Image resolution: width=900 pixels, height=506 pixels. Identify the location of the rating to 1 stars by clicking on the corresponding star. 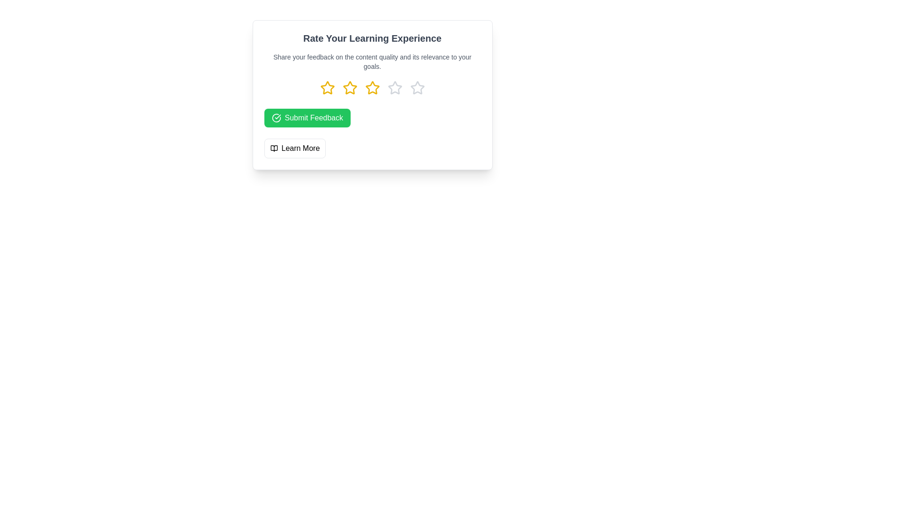
(327, 88).